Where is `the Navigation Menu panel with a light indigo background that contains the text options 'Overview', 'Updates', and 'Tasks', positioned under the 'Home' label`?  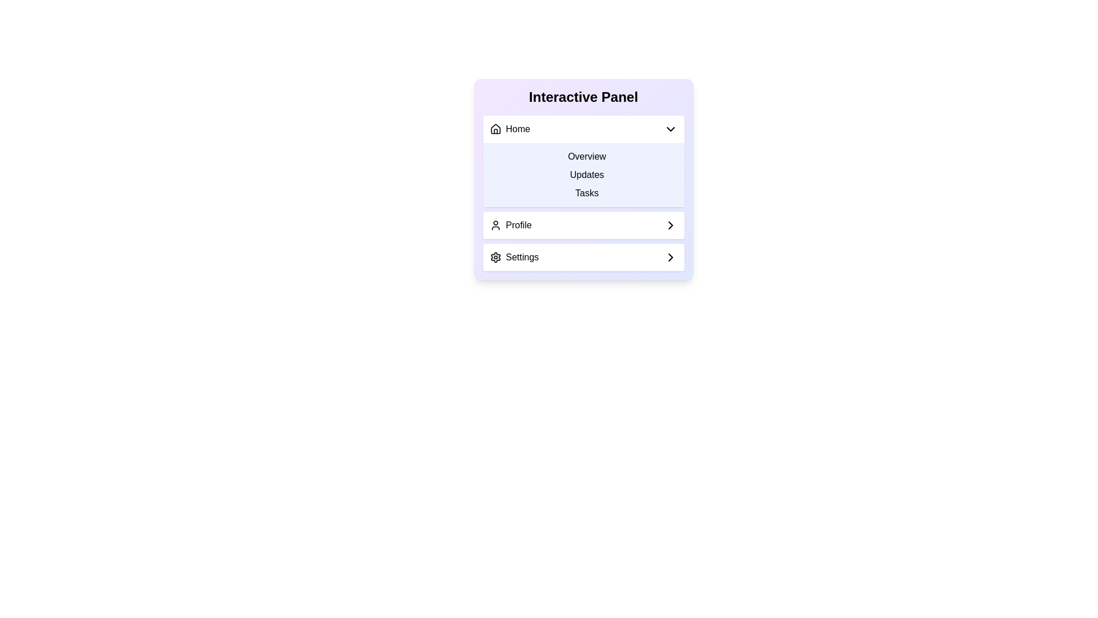
the Navigation Menu panel with a light indigo background that contains the text options 'Overview', 'Updates', and 'Tasks', positioned under the 'Home' label is located at coordinates (583, 175).